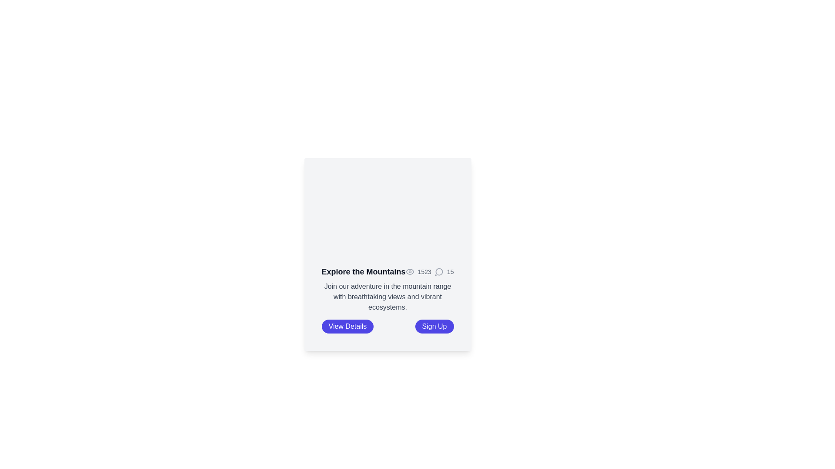  Describe the element at coordinates (424, 271) in the screenshot. I see `the static text label that serves as a numerical counter, positioned between an eye icon on the left and a speech bubble icon with the number '15' on the right, located in the upper-right part of the card-like interface` at that location.